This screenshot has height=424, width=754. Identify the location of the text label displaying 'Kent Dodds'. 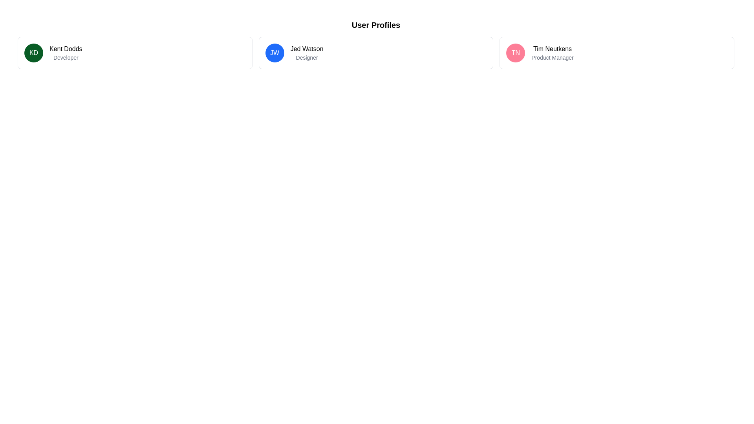
(66, 49).